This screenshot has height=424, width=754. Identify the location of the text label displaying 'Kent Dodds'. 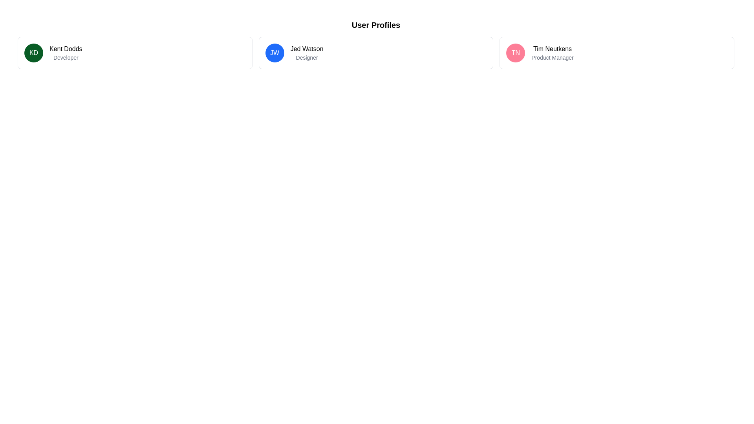
(66, 49).